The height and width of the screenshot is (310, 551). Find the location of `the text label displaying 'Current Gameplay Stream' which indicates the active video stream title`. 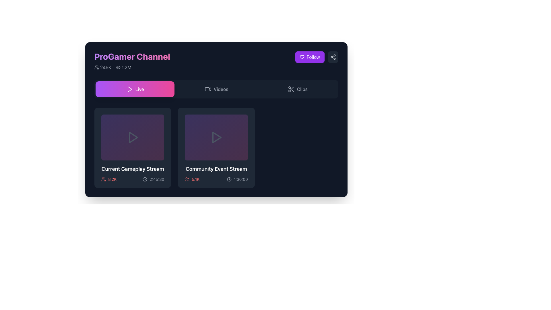

the text label displaying 'Current Gameplay Stream' which indicates the active video stream title is located at coordinates (132, 169).